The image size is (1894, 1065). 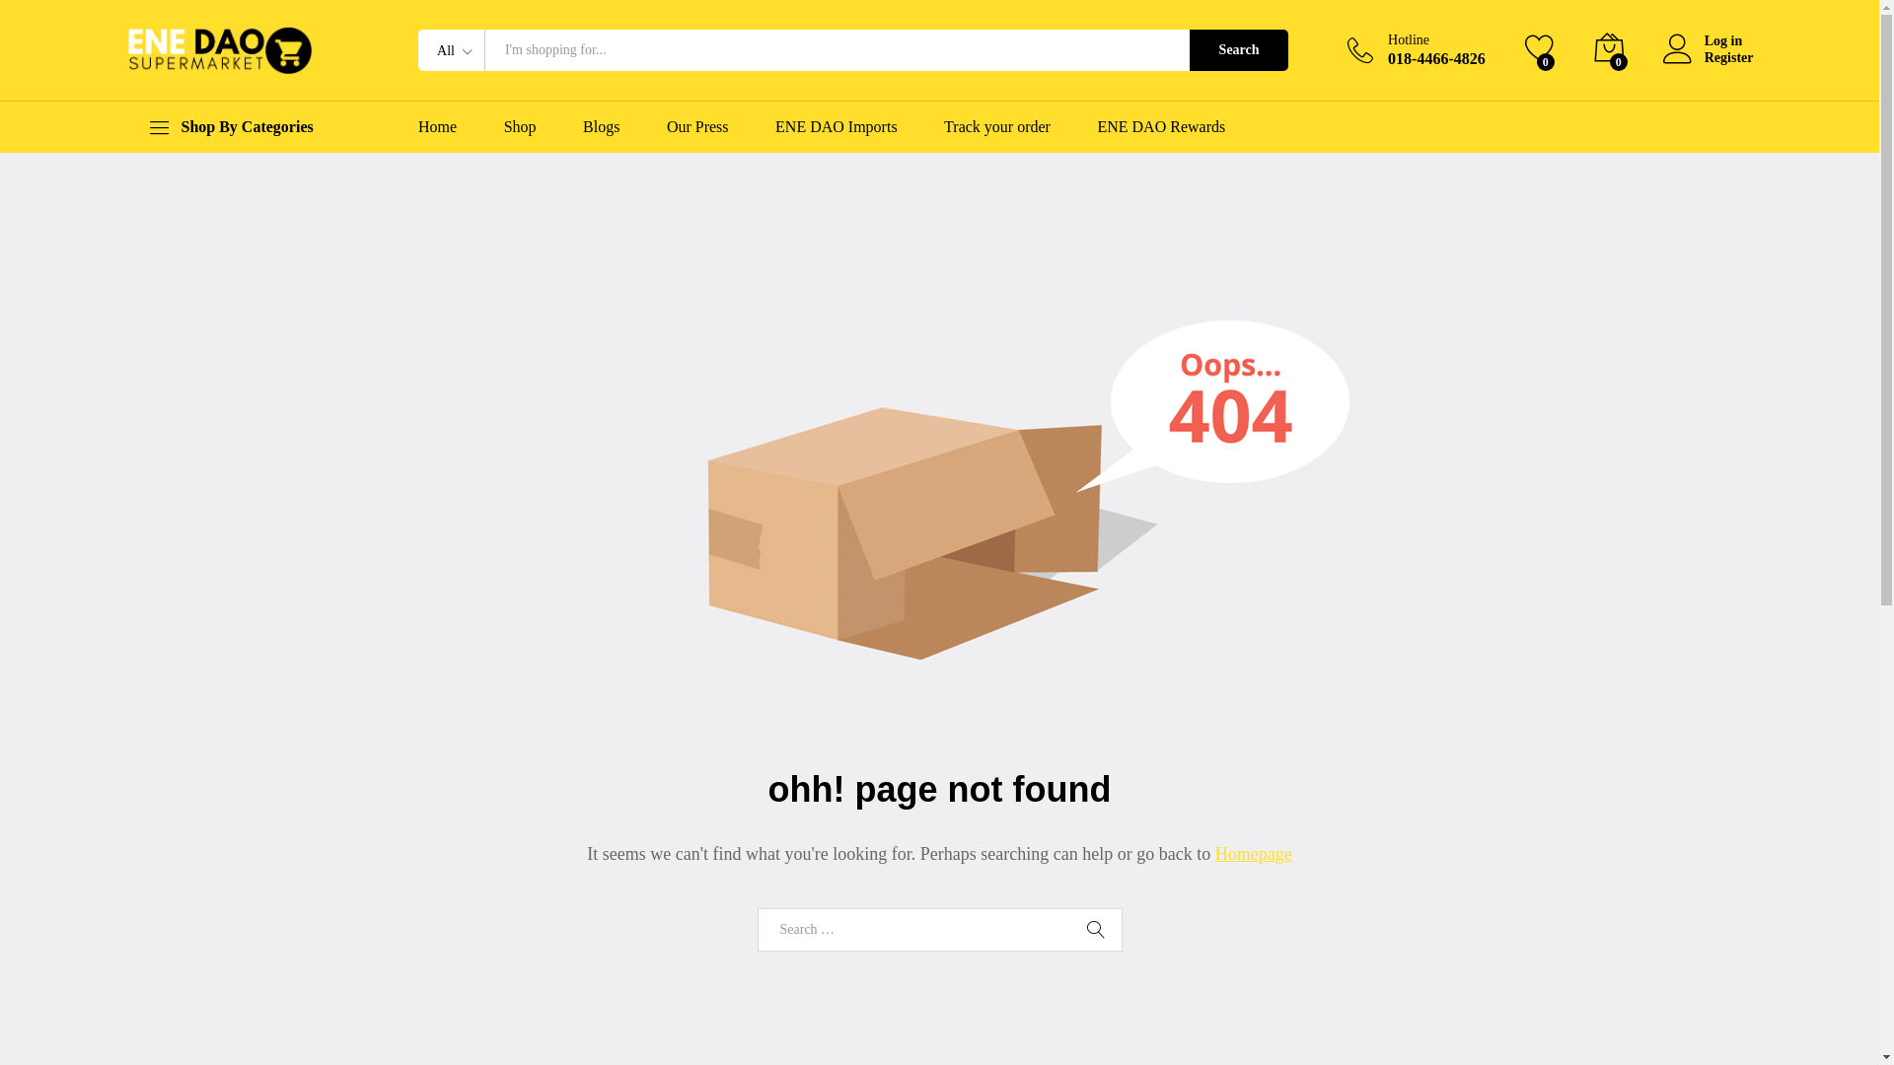 I want to click on 'Blogs', so click(x=581, y=126).